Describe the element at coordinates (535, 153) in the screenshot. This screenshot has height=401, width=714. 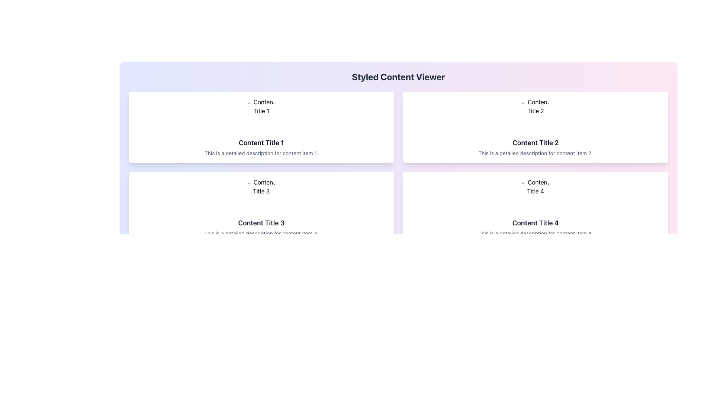
I see `the text block containing the string 'This is a detailed description for content item 2.' which is located below the title 'Content Title 2' in the second content card` at that location.